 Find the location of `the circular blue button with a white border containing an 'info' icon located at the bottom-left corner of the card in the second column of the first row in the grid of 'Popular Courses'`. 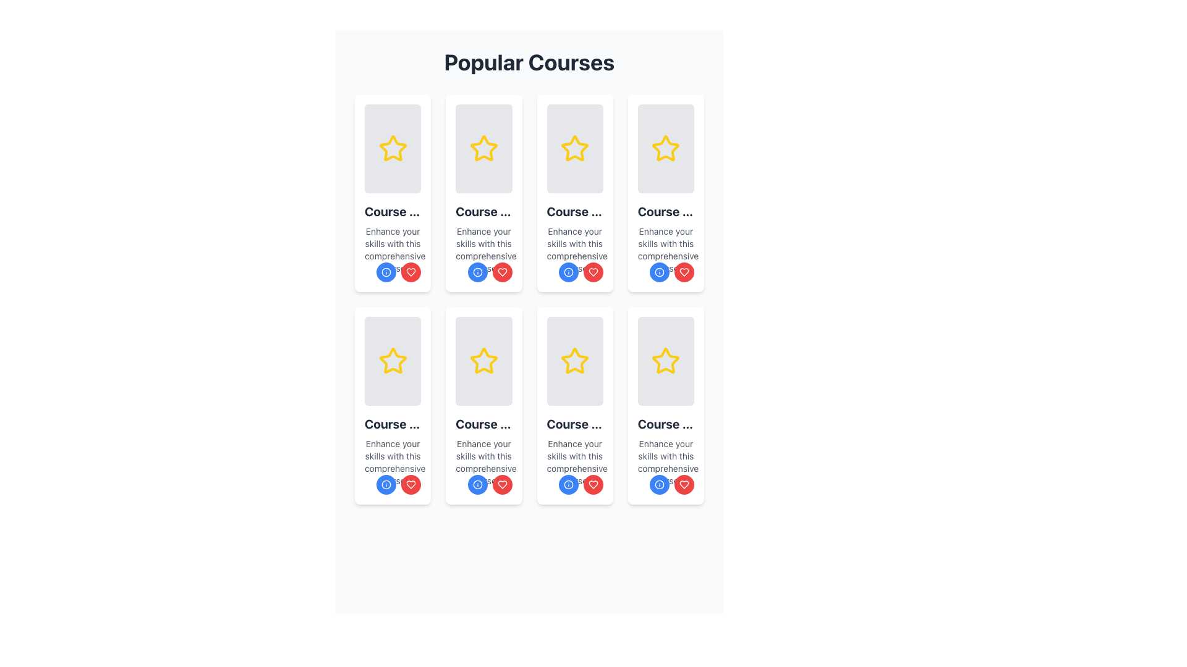

the circular blue button with a white border containing an 'info' icon located at the bottom-left corner of the card in the second column of the first row in the grid of 'Popular Courses' is located at coordinates (568, 271).